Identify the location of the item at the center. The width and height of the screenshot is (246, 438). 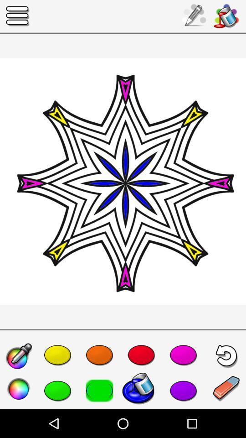
(123, 181).